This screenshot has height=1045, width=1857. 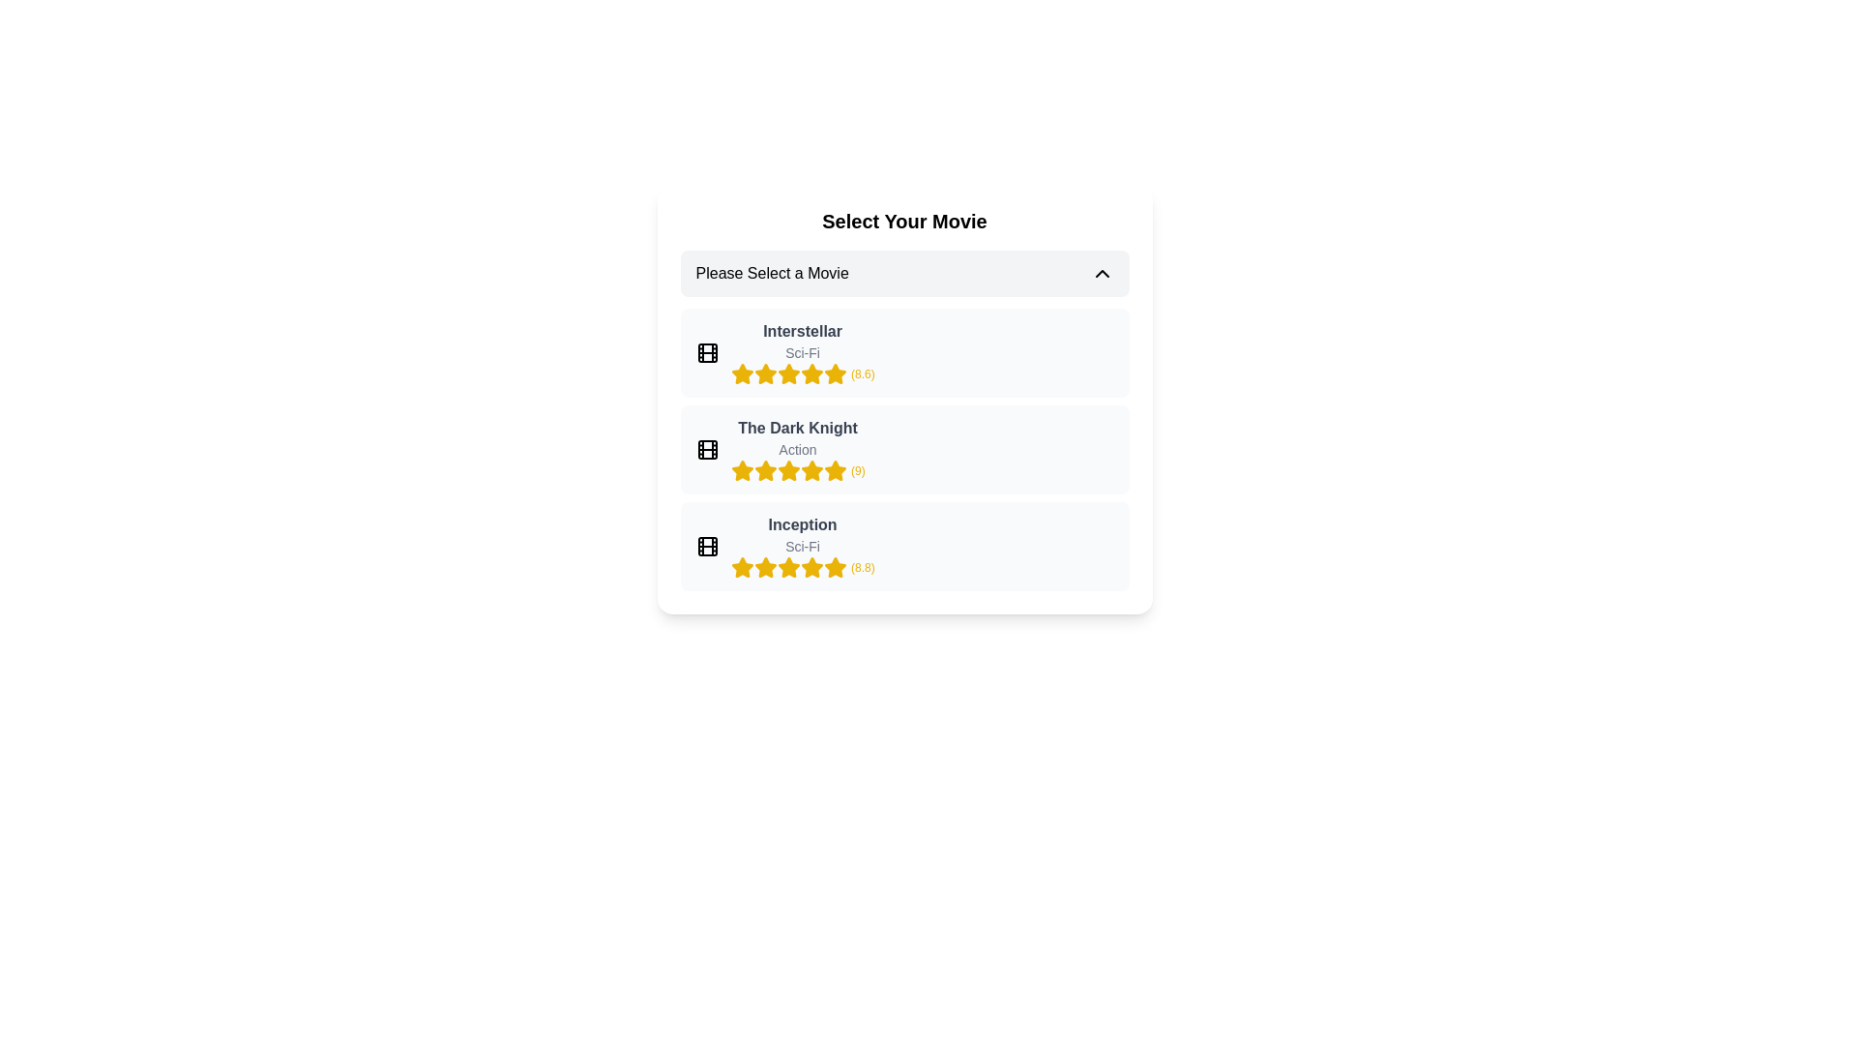 I want to click on the fifth star icon in the movie rating section, which indicates a rating of '8.8' for the movie 'Inception', so click(x=764, y=566).